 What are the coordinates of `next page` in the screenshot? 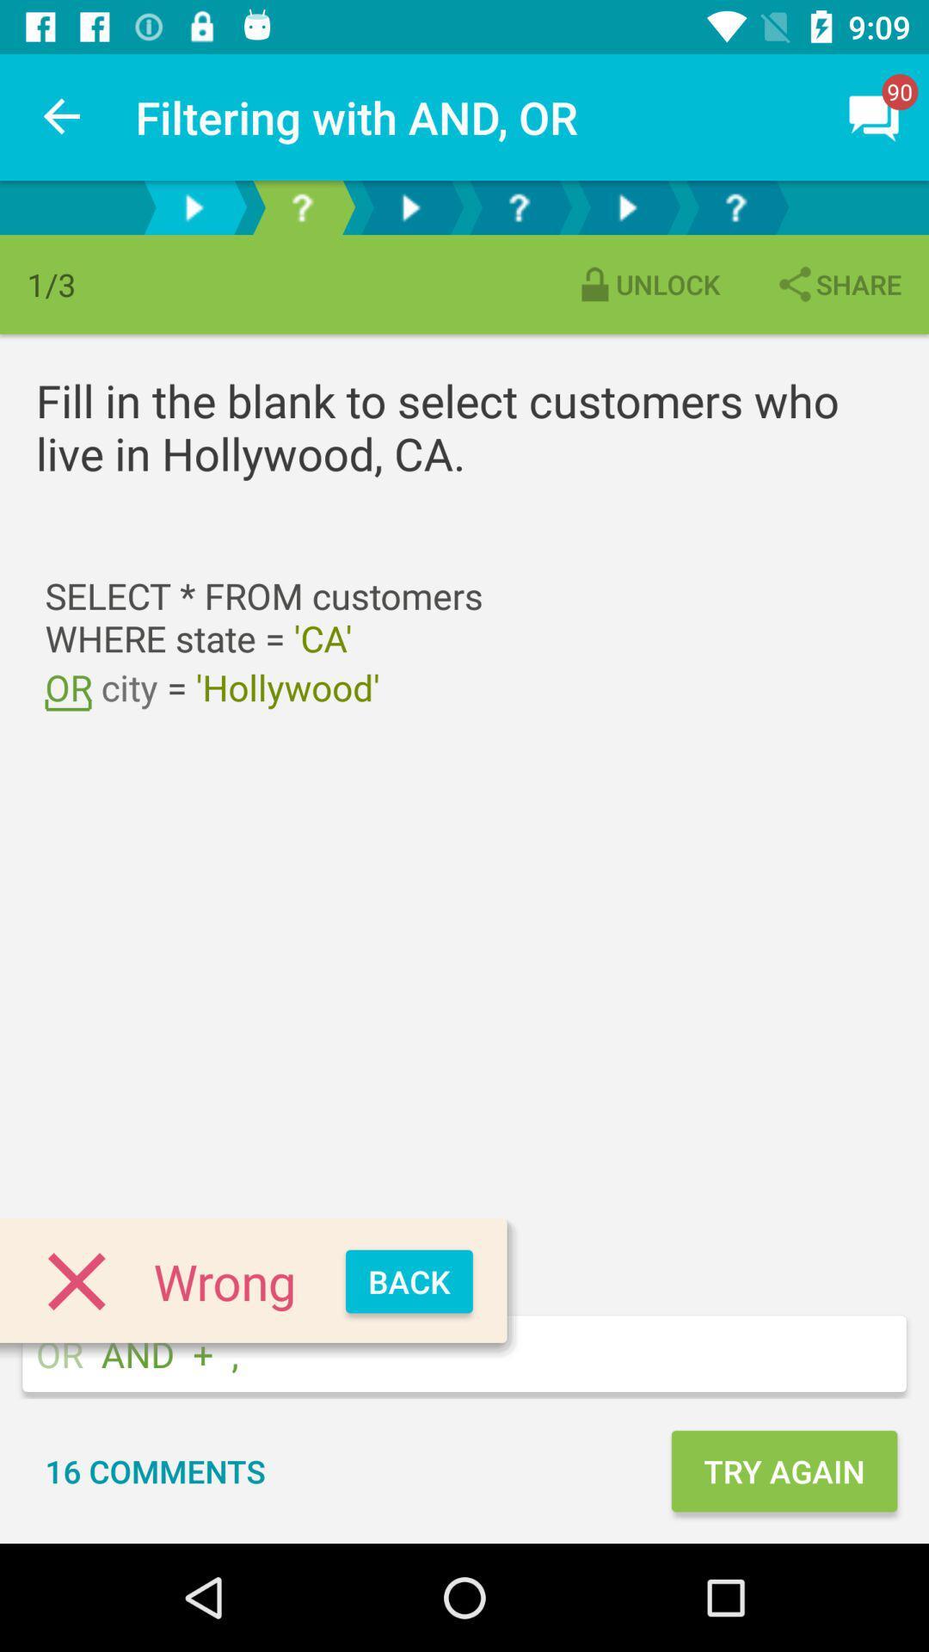 It's located at (410, 206).